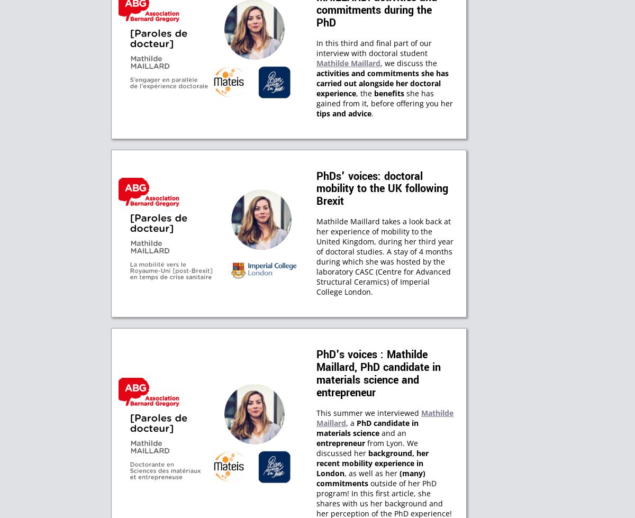 Image resolution: width=635 pixels, height=518 pixels. Describe the element at coordinates (315, 98) in the screenshot. I see `'she has gained from it, before offering you her'` at that location.